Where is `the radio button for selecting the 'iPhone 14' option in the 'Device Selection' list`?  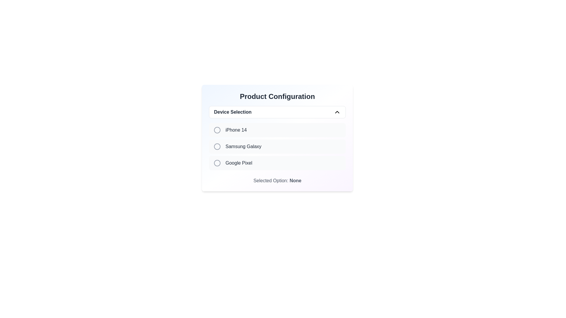 the radio button for selecting the 'iPhone 14' option in the 'Device Selection' list is located at coordinates (217, 130).